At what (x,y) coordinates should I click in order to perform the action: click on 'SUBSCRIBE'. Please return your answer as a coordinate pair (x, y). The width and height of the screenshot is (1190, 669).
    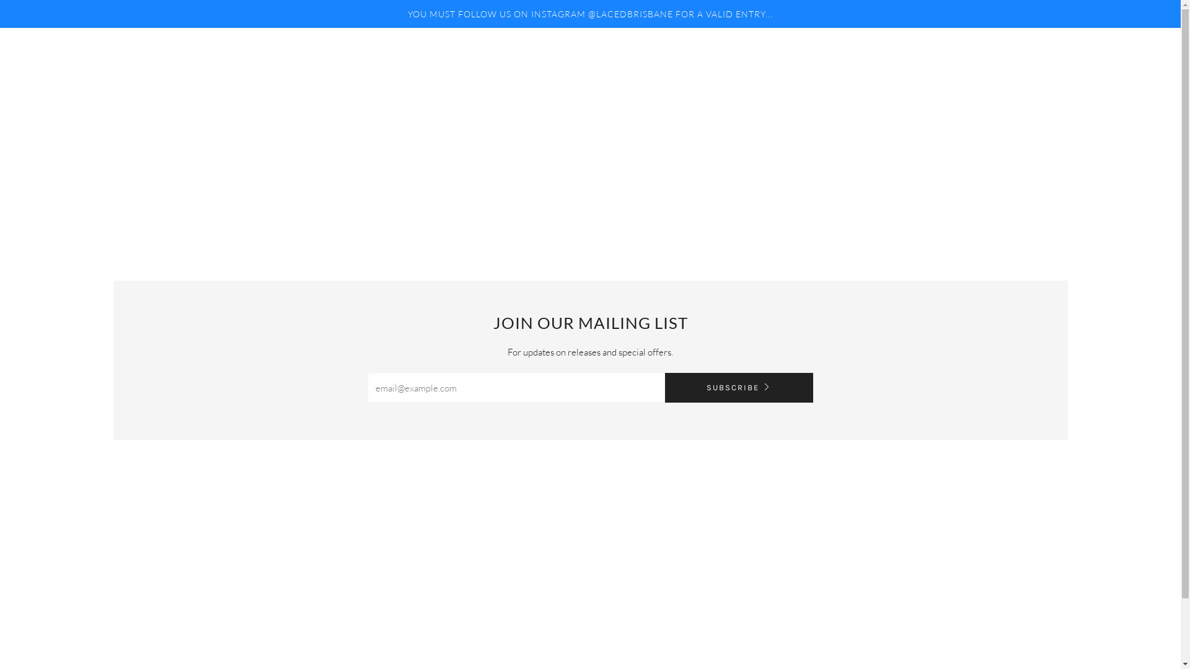
    Looking at the image, I should click on (663, 387).